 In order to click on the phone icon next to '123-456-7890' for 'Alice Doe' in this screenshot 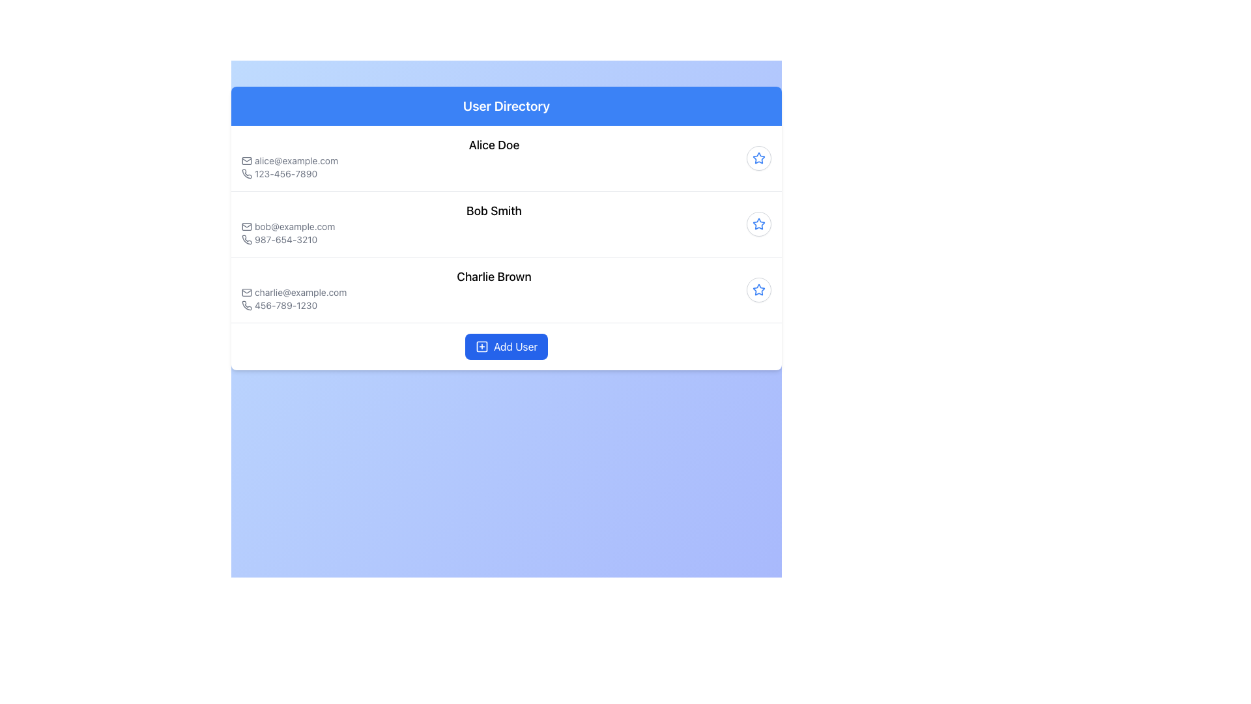, I will do `click(247, 173)`.